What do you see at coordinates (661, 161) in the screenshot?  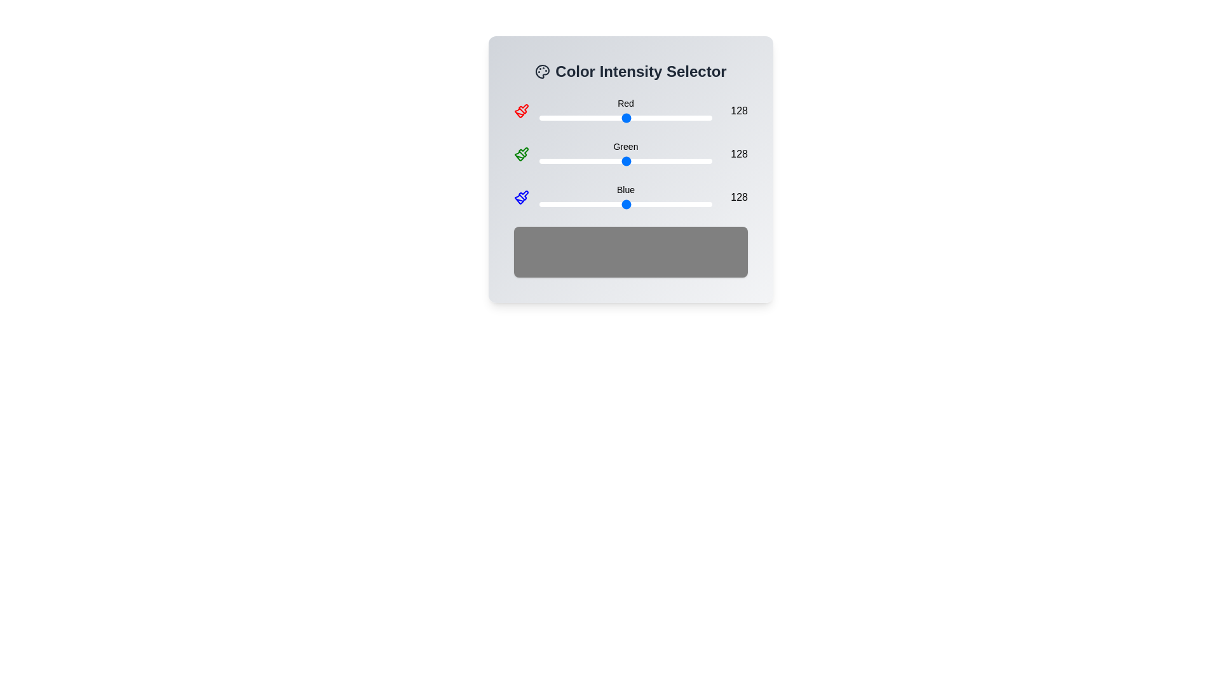 I see `the green color intensity` at bounding box center [661, 161].